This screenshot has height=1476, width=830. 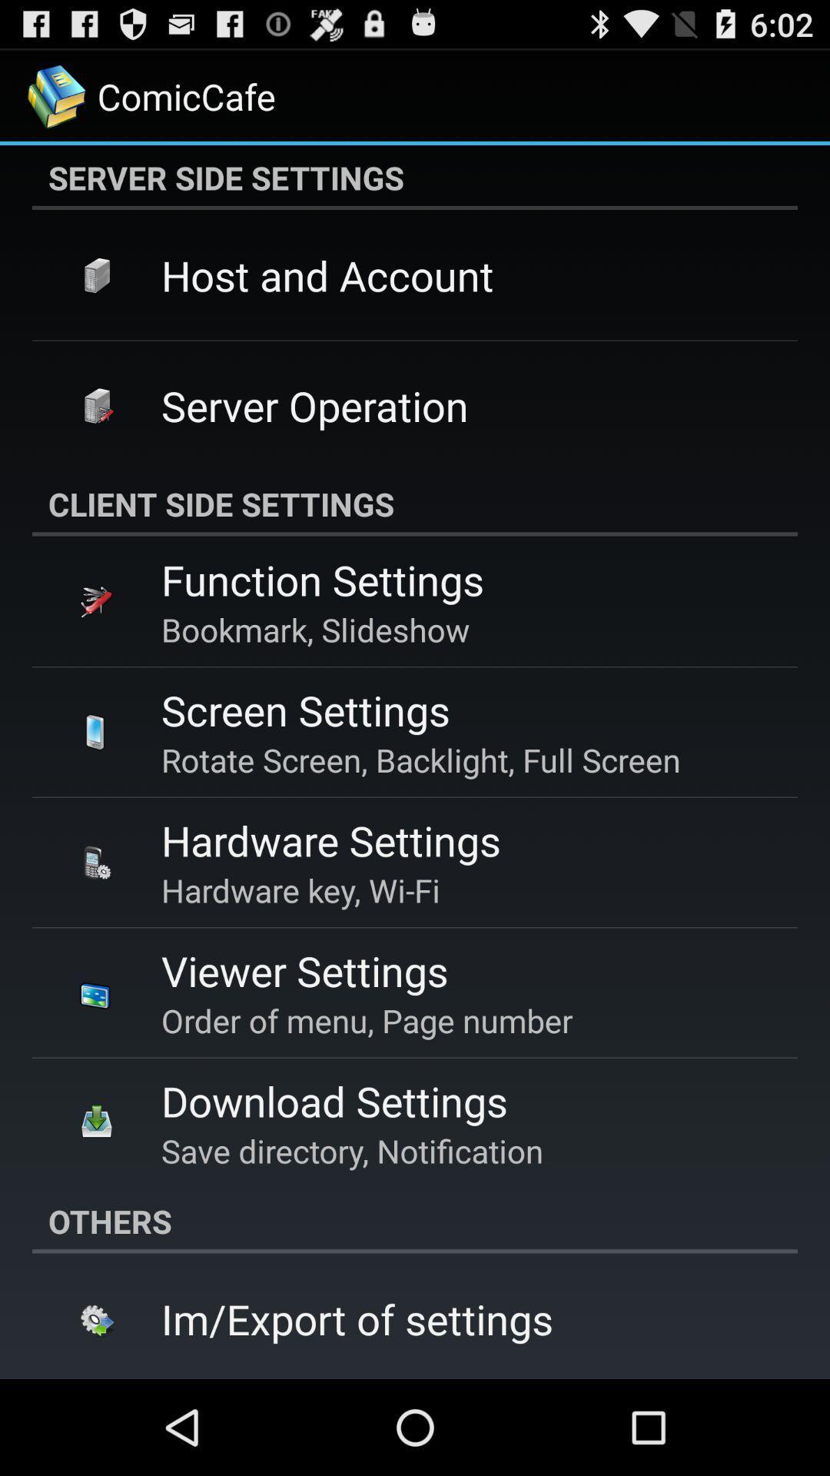 I want to click on im export of app, so click(x=357, y=1318).